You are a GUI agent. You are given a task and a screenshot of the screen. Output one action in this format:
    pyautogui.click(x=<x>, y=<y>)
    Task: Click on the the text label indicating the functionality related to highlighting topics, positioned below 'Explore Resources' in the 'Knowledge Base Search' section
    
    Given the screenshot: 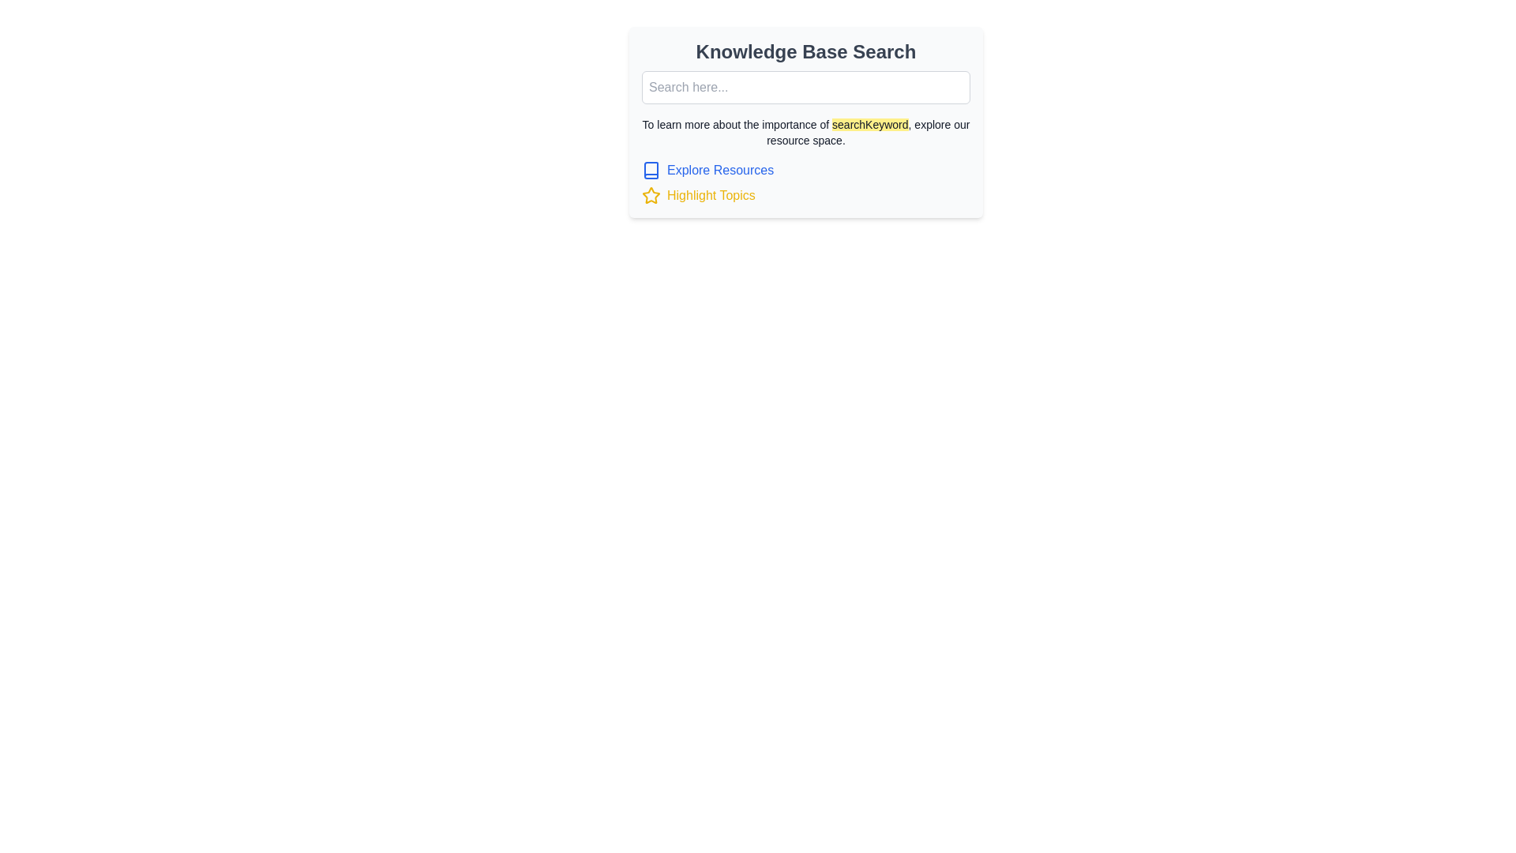 What is the action you would take?
    pyautogui.click(x=710, y=194)
    